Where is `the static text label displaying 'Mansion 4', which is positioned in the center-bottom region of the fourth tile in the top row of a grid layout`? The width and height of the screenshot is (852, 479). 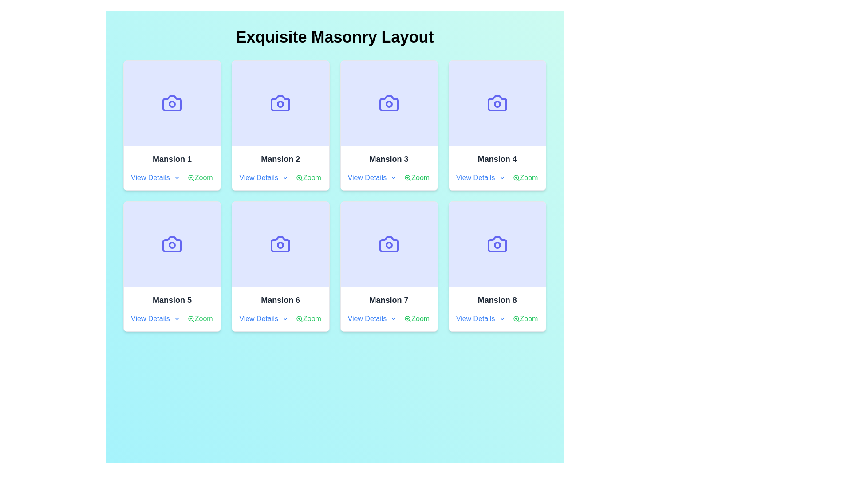 the static text label displaying 'Mansion 4', which is positioned in the center-bottom region of the fourth tile in the top row of a grid layout is located at coordinates (497, 158).